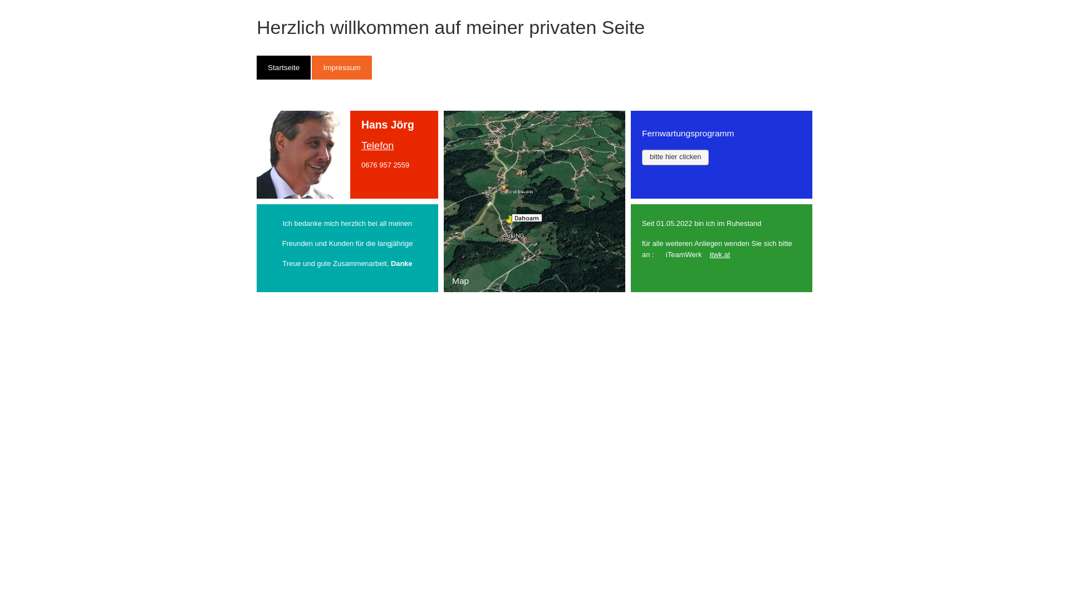 The width and height of the screenshot is (1069, 601). I want to click on 'itwk.at', so click(720, 254).